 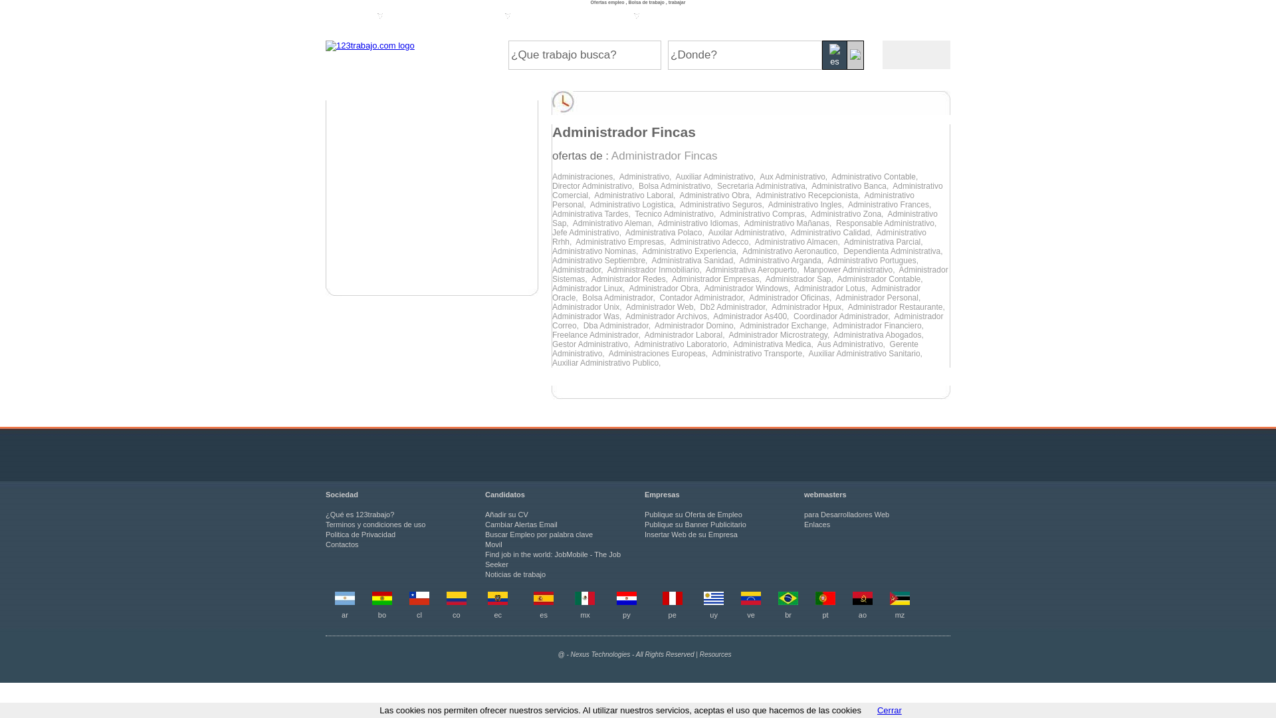 I want to click on 'Contador Administrador, ', so click(x=703, y=297).